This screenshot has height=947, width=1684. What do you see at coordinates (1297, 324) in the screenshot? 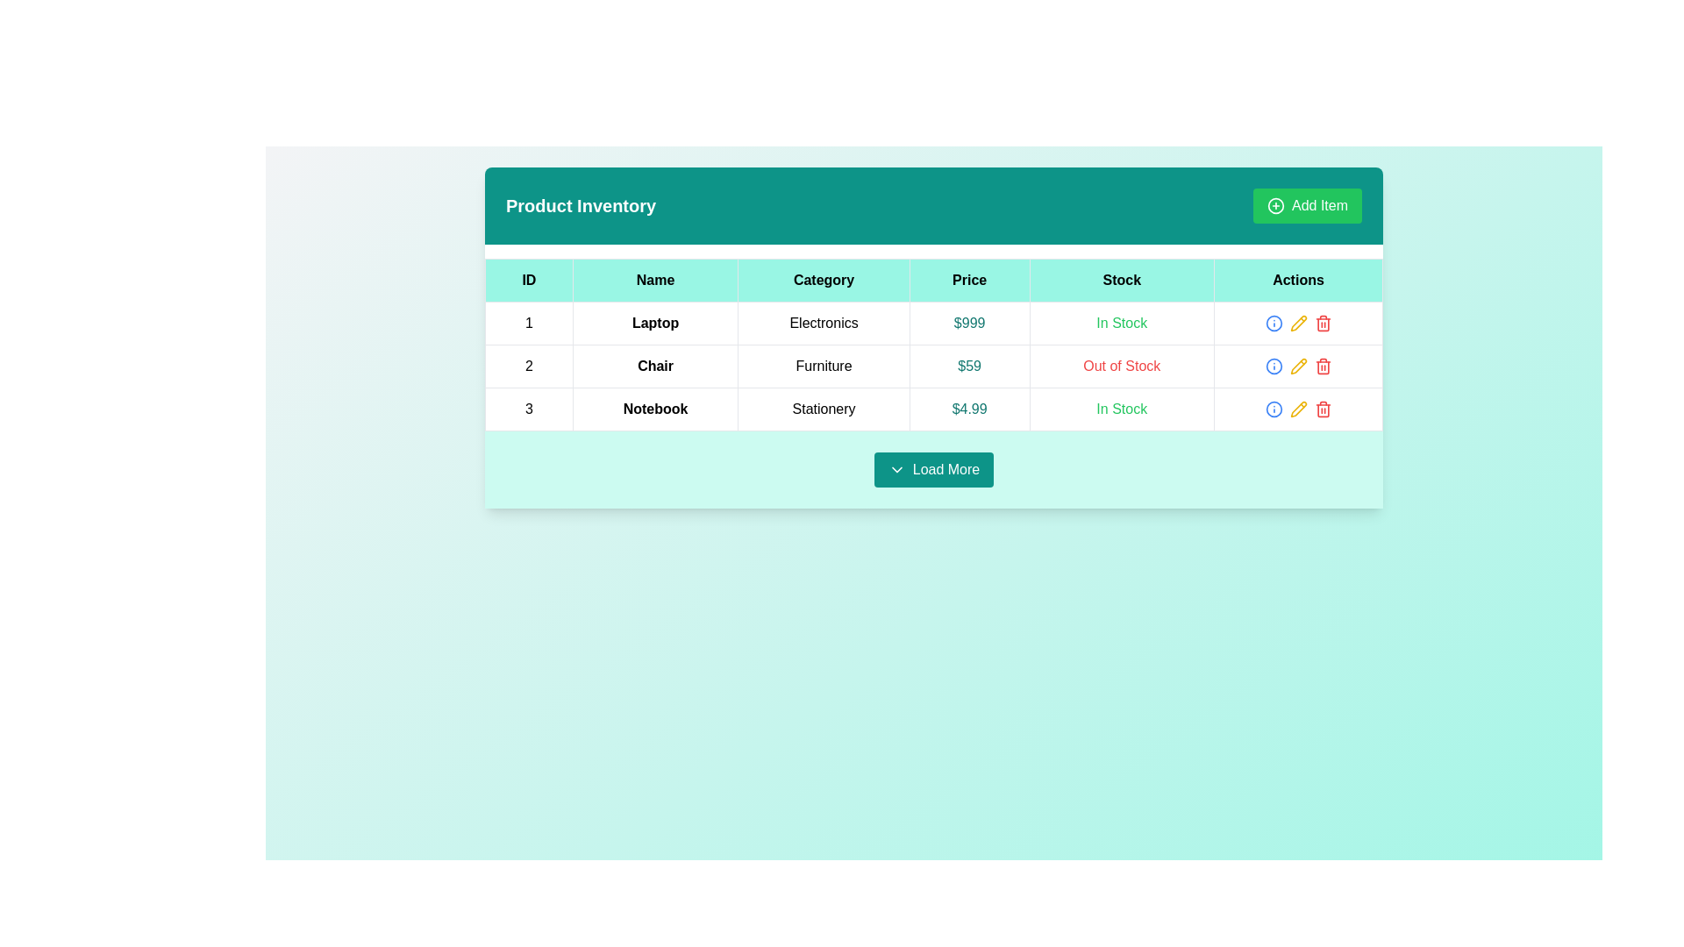
I see `the 'Edit' button located in the 'Actions' column of the third row for the 'Notebook' product entry in the grid layout` at bounding box center [1297, 324].